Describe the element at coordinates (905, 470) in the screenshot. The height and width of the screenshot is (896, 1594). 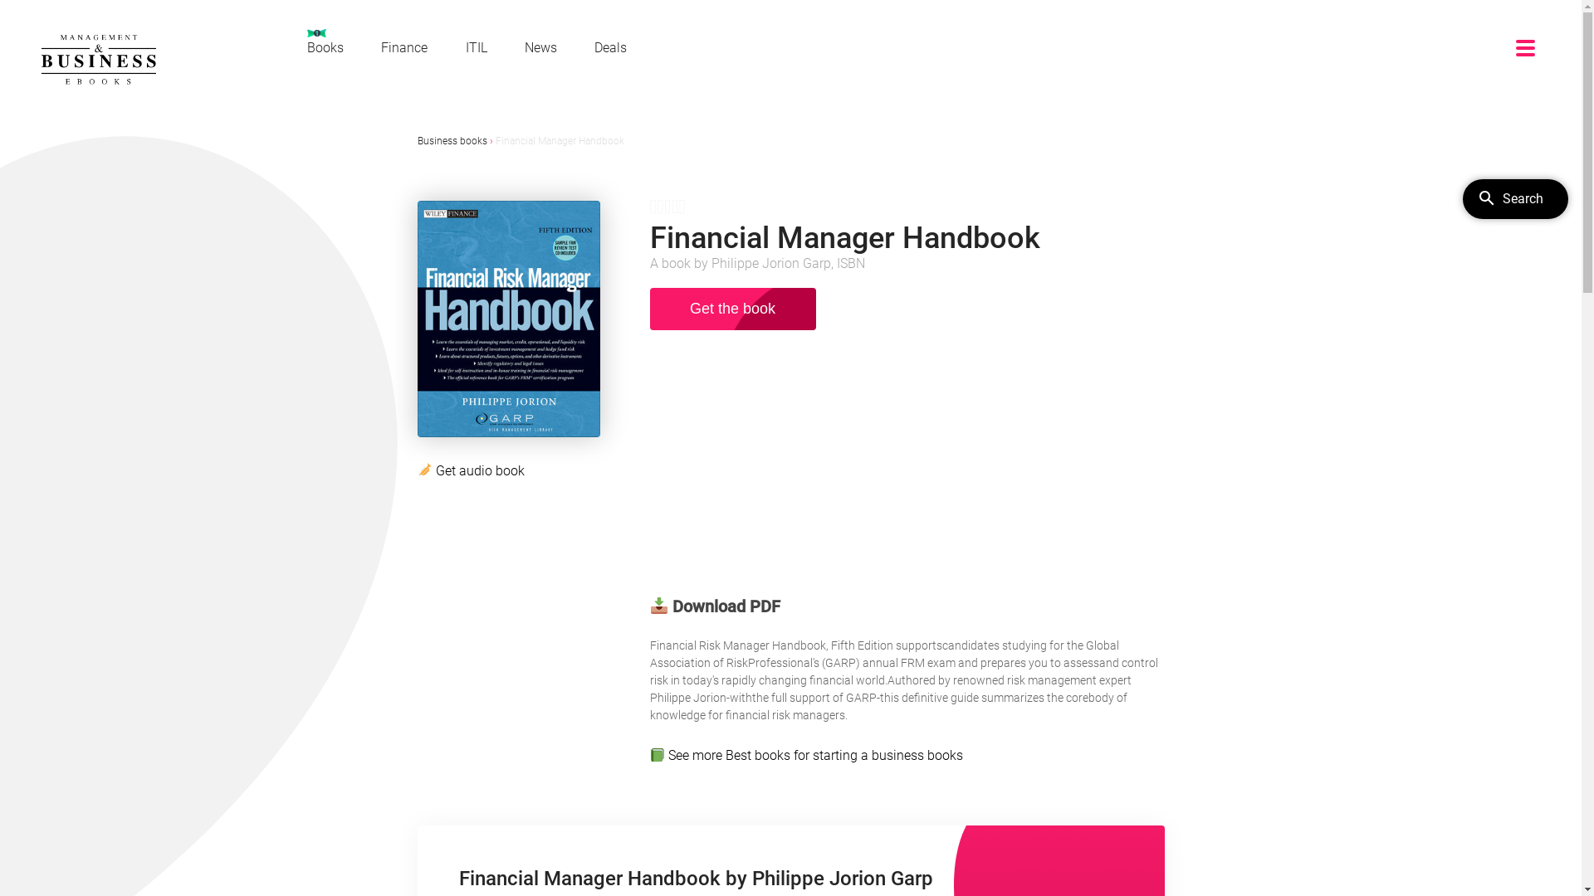
I see `'Advertisement'` at that location.